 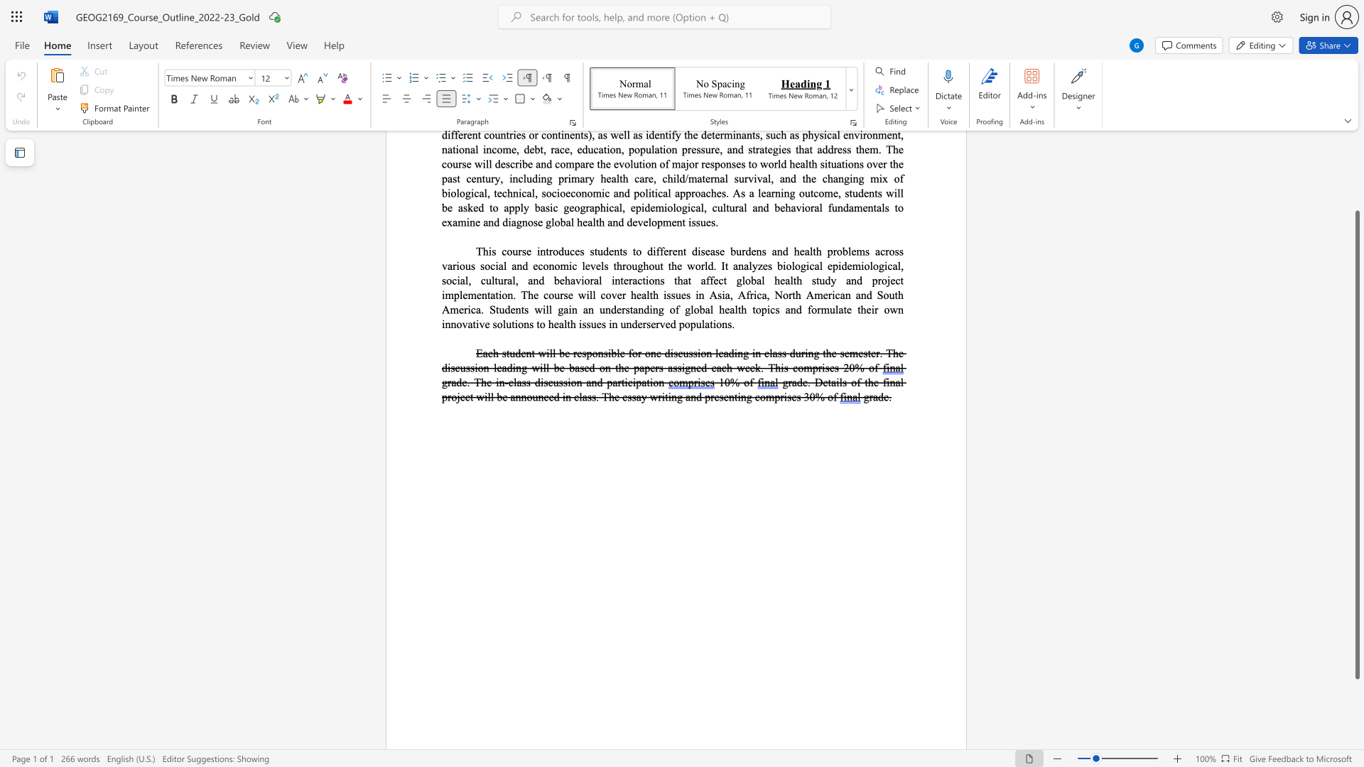 What do you see at coordinates (1356, 169) in the screenshot?
I see `the scrollbar to scroll upward` at bounding box center [1356, 169].